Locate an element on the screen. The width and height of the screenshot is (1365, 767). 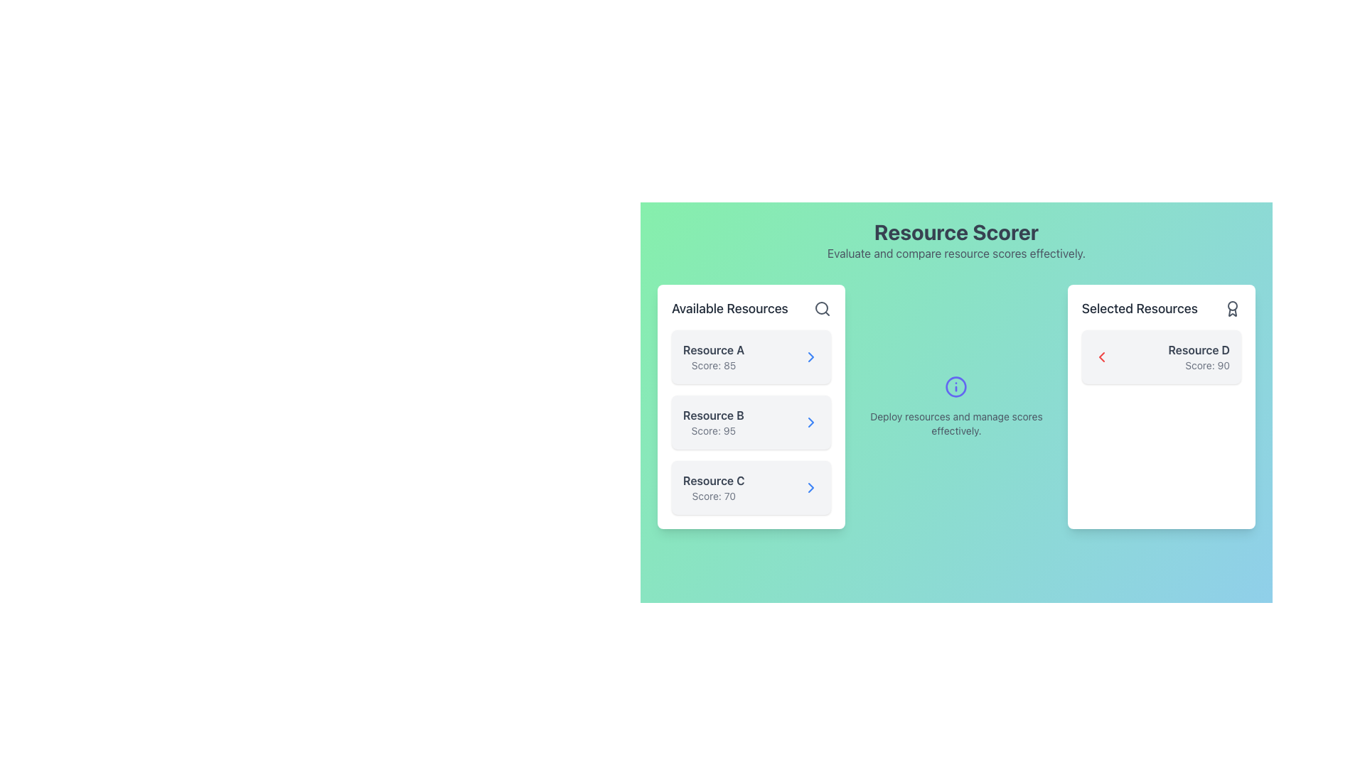
the text label displaying 'Evaluate and compare resource scores effectively.' which is located below the 'Resource Scorer' title in the header section of the interface is located at coordinates (956, 253).